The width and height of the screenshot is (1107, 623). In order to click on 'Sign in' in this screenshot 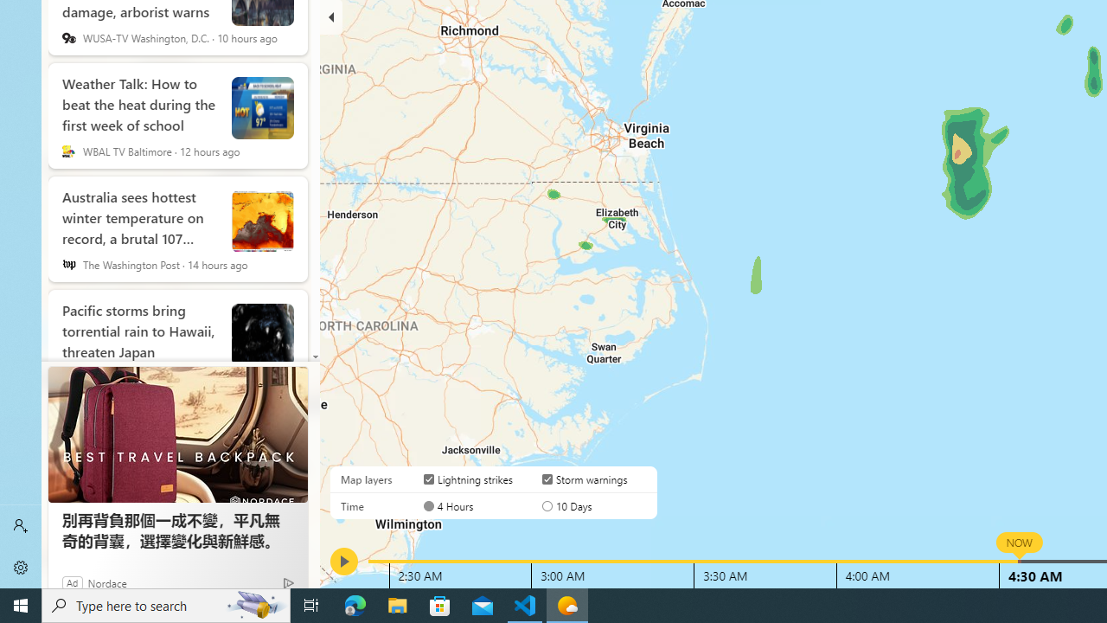, I will do `click(21, 525)`.